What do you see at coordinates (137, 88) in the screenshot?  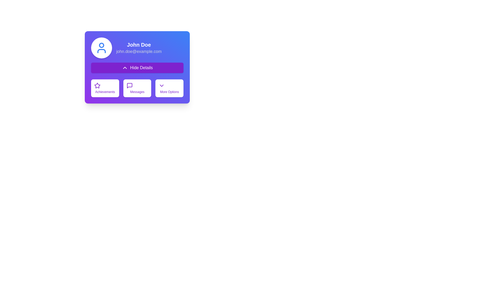 I see `the second button in the row of three buttons located below the 'Hide Details' button, for keyboard accessibility interactions` at bounding box center [137, 88].